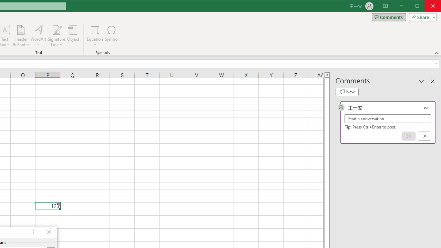  What do you see at coordinates (424, 136) in the screenshot?
I see `'Cancel'` at bounding box center [424, 136].